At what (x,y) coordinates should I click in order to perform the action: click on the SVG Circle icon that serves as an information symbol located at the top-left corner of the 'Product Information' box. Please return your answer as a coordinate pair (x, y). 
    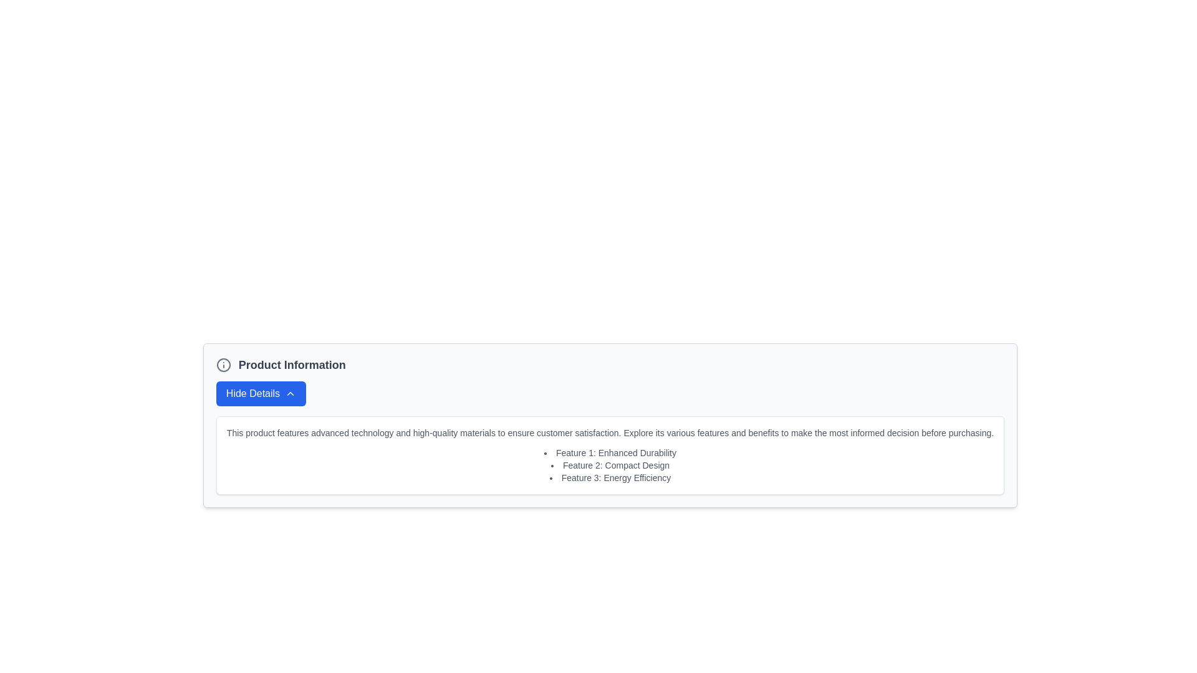
    Looking at the image, I should click on (223, 365).